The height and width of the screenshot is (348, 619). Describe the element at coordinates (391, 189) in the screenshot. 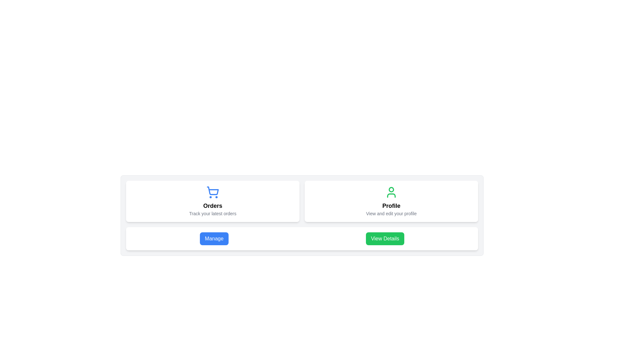

I see `the SVG circle graphic that resembles a user's profile picture, which has a green outline and is located in the right-hand card of the profile section, above the text 'Profile'` at that location.